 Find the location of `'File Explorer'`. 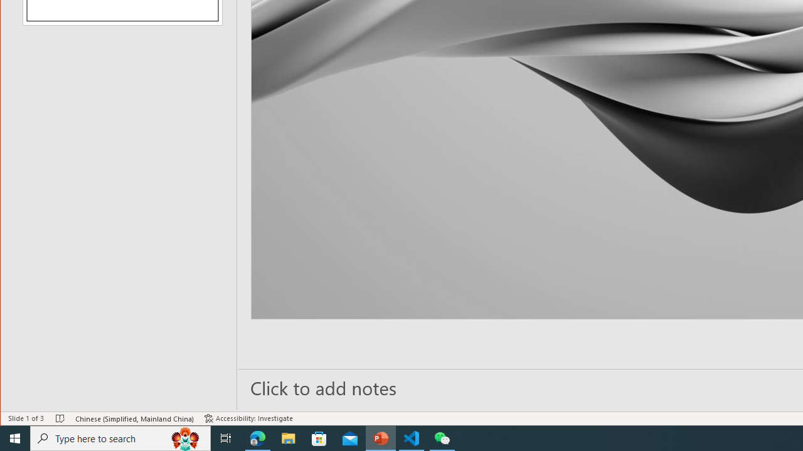

'File Explorer' is located at coordinates (288, 437).